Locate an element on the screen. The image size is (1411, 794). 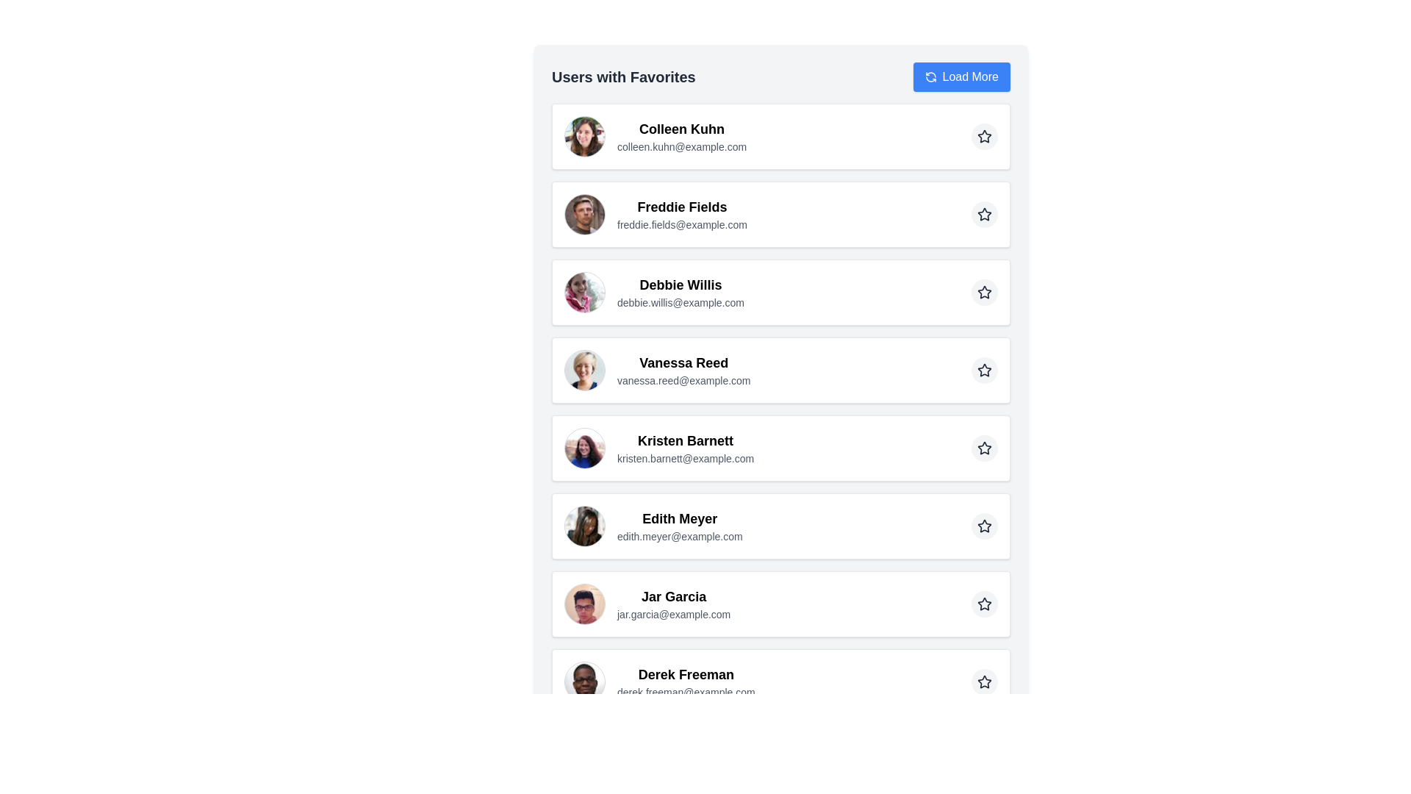
the star icon located to the right of the 'Jar Garcia' entry in the vertical user list is located at coordinates (984, 604).